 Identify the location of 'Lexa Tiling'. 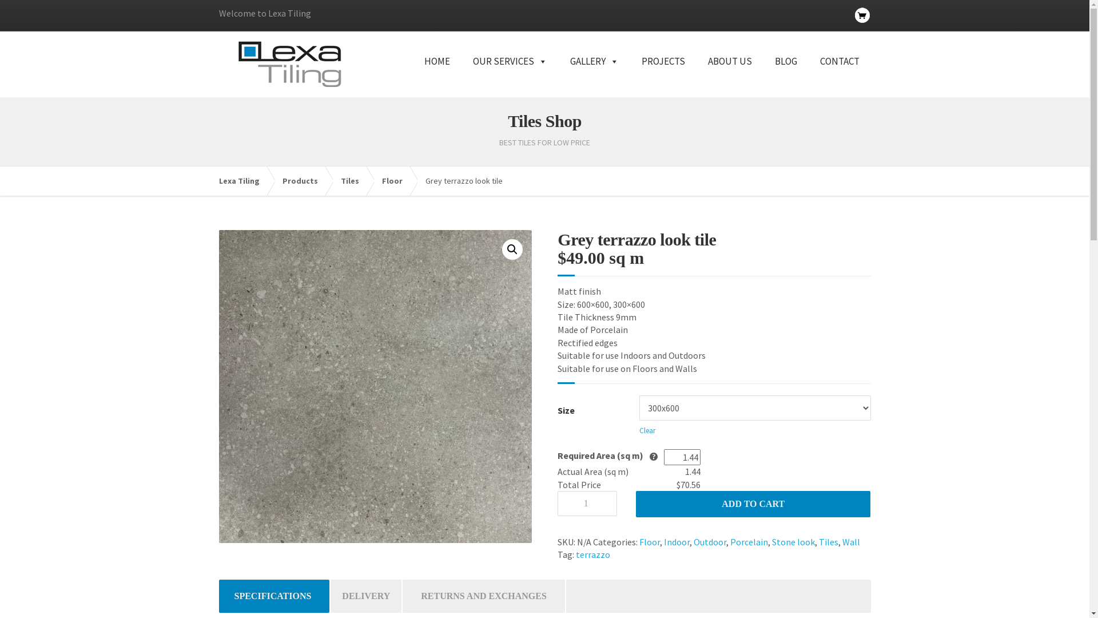
(244, 180).